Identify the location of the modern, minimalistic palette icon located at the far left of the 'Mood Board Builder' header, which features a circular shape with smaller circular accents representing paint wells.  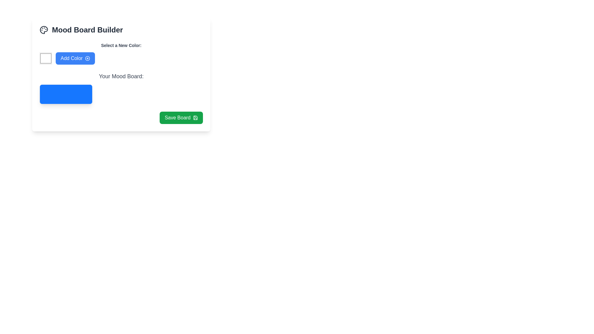
(44, 30).